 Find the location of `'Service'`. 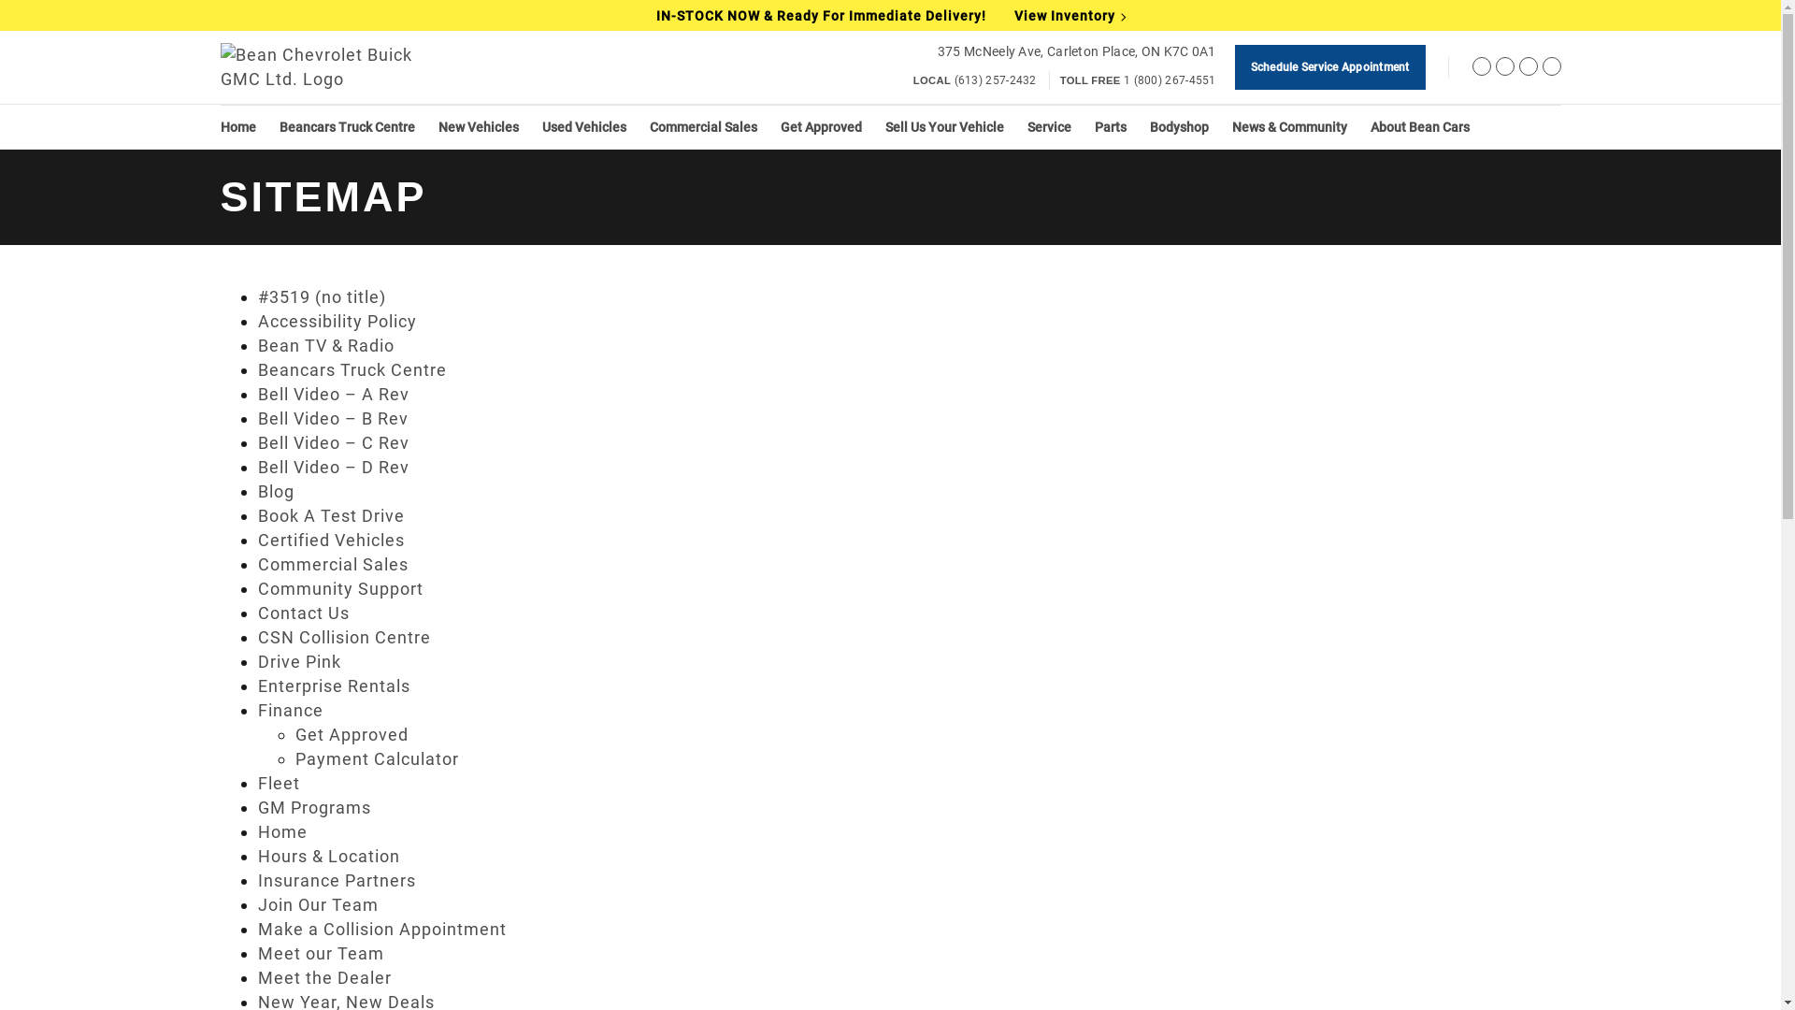

'Service' is located at coordinates (1048, 126).